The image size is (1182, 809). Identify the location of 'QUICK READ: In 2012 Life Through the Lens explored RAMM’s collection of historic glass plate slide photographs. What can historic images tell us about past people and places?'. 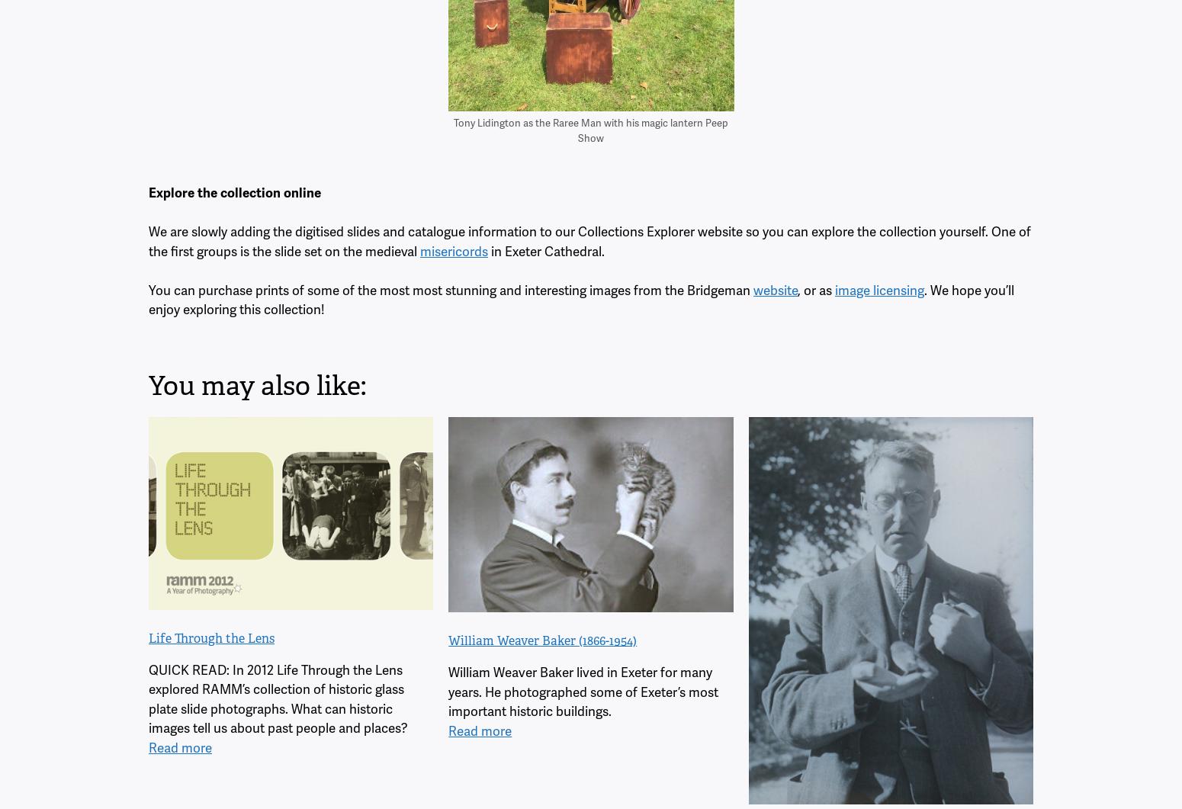
(278, 698).